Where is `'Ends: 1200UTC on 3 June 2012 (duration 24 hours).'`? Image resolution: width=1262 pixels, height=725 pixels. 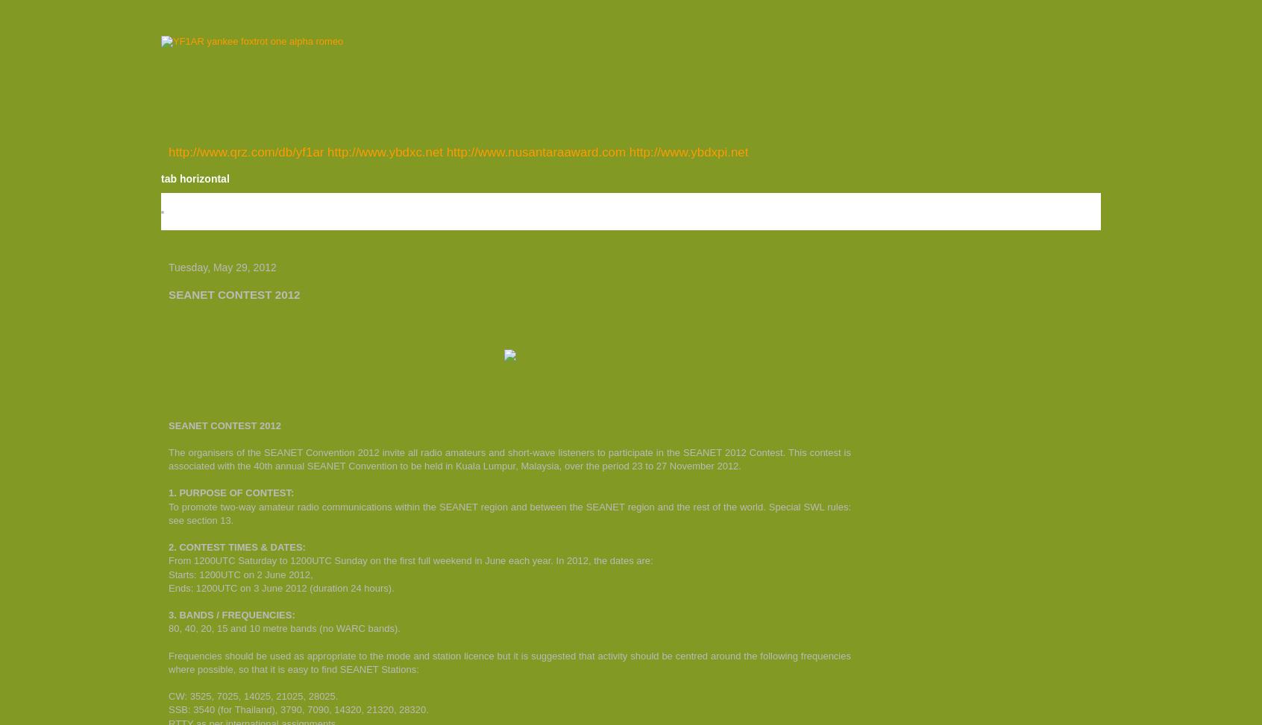
'Ends: 1200UTC on 3 June 2012 (duration 24 hours).' is located at coordinates (280, 586).